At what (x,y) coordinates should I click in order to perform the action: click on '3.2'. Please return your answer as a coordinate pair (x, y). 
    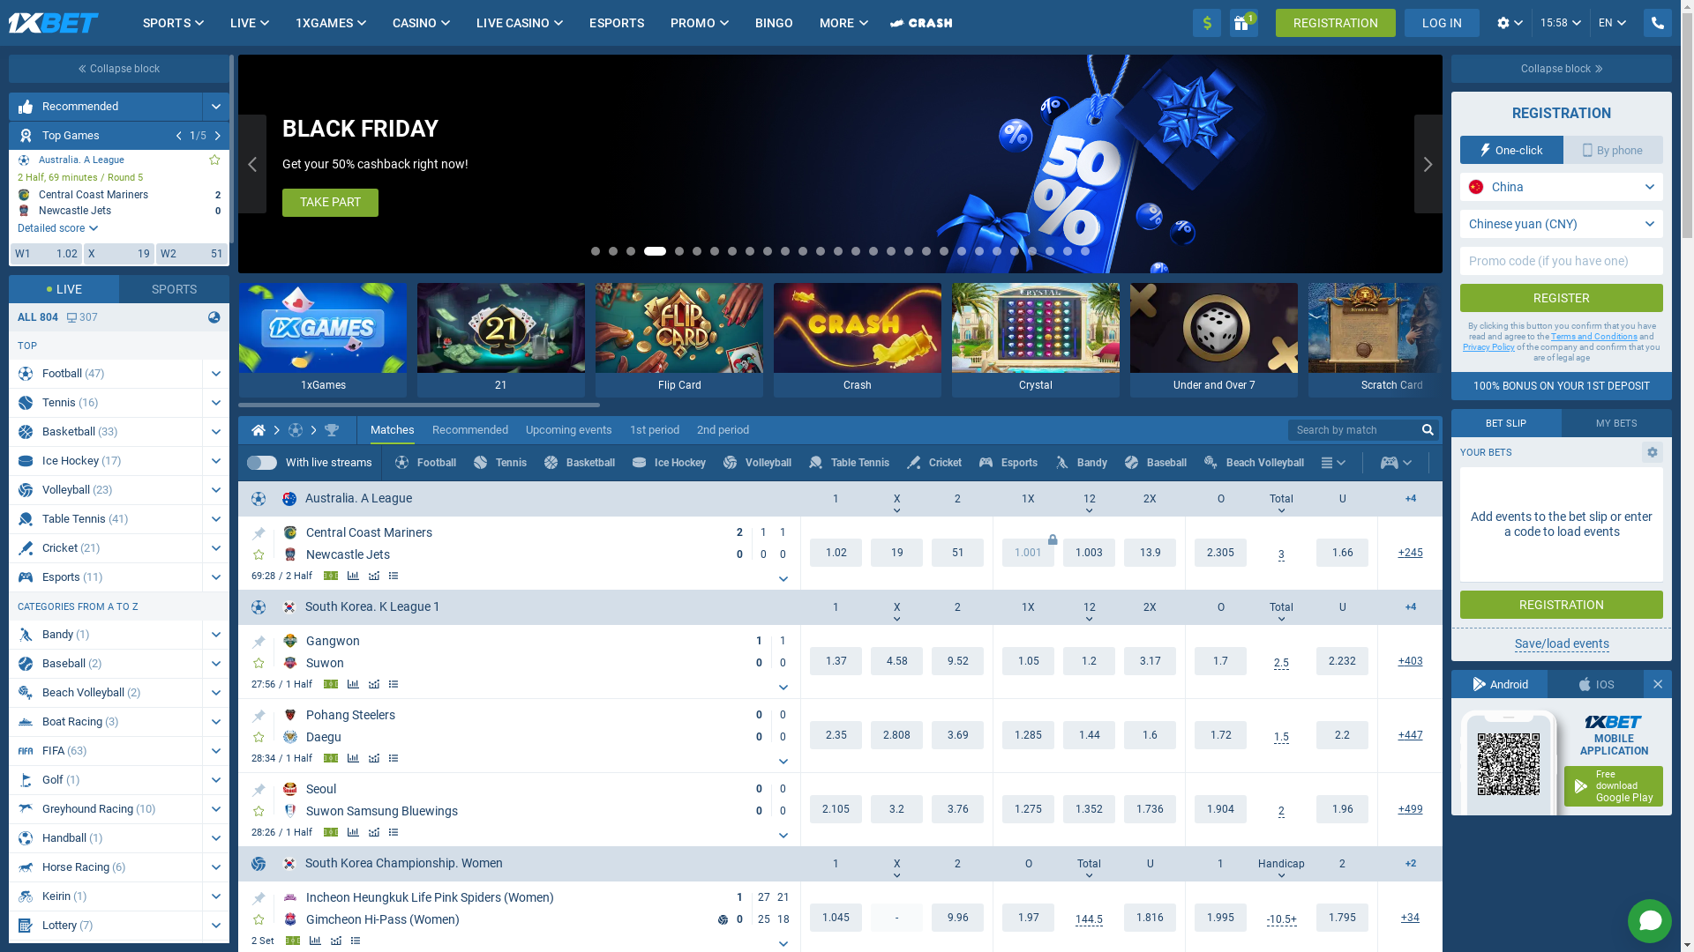
    Looking at the image, I should click on (896, 809).